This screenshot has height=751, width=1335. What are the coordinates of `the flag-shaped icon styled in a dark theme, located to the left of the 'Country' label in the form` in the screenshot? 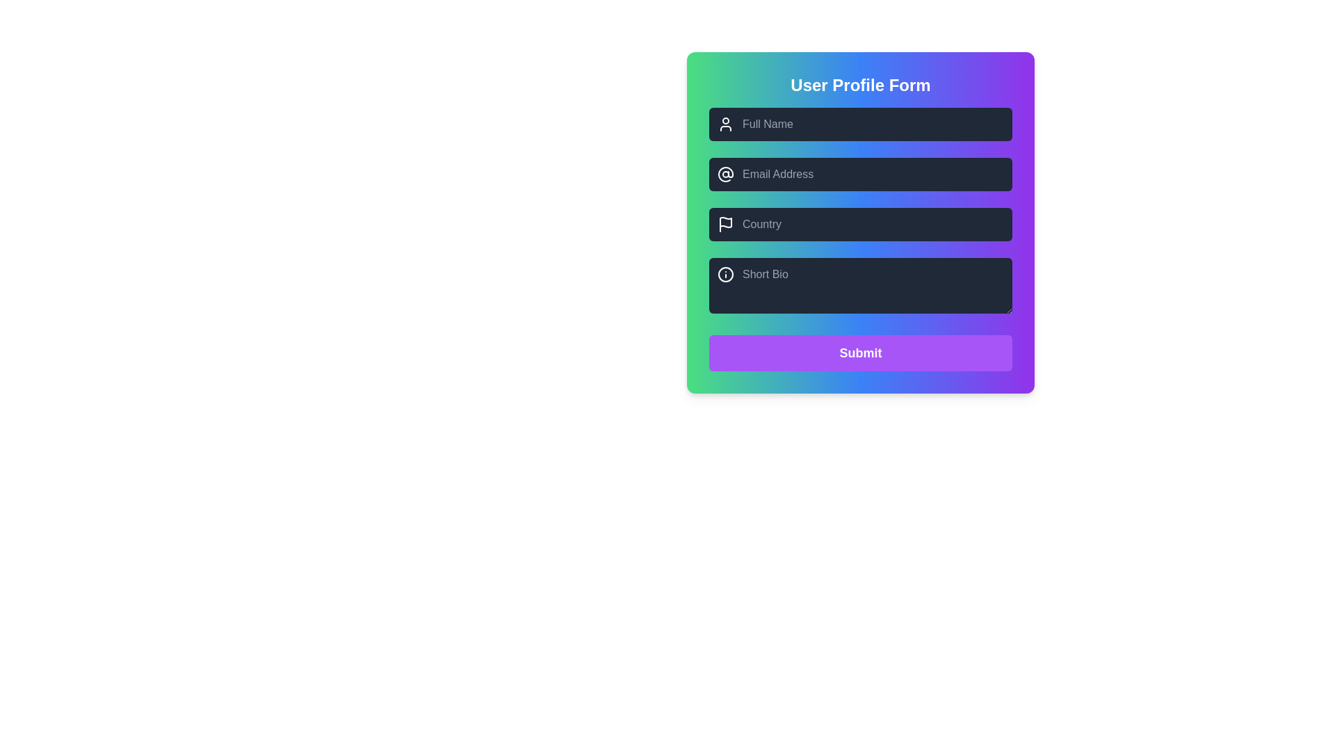 It's located at (725, 222).